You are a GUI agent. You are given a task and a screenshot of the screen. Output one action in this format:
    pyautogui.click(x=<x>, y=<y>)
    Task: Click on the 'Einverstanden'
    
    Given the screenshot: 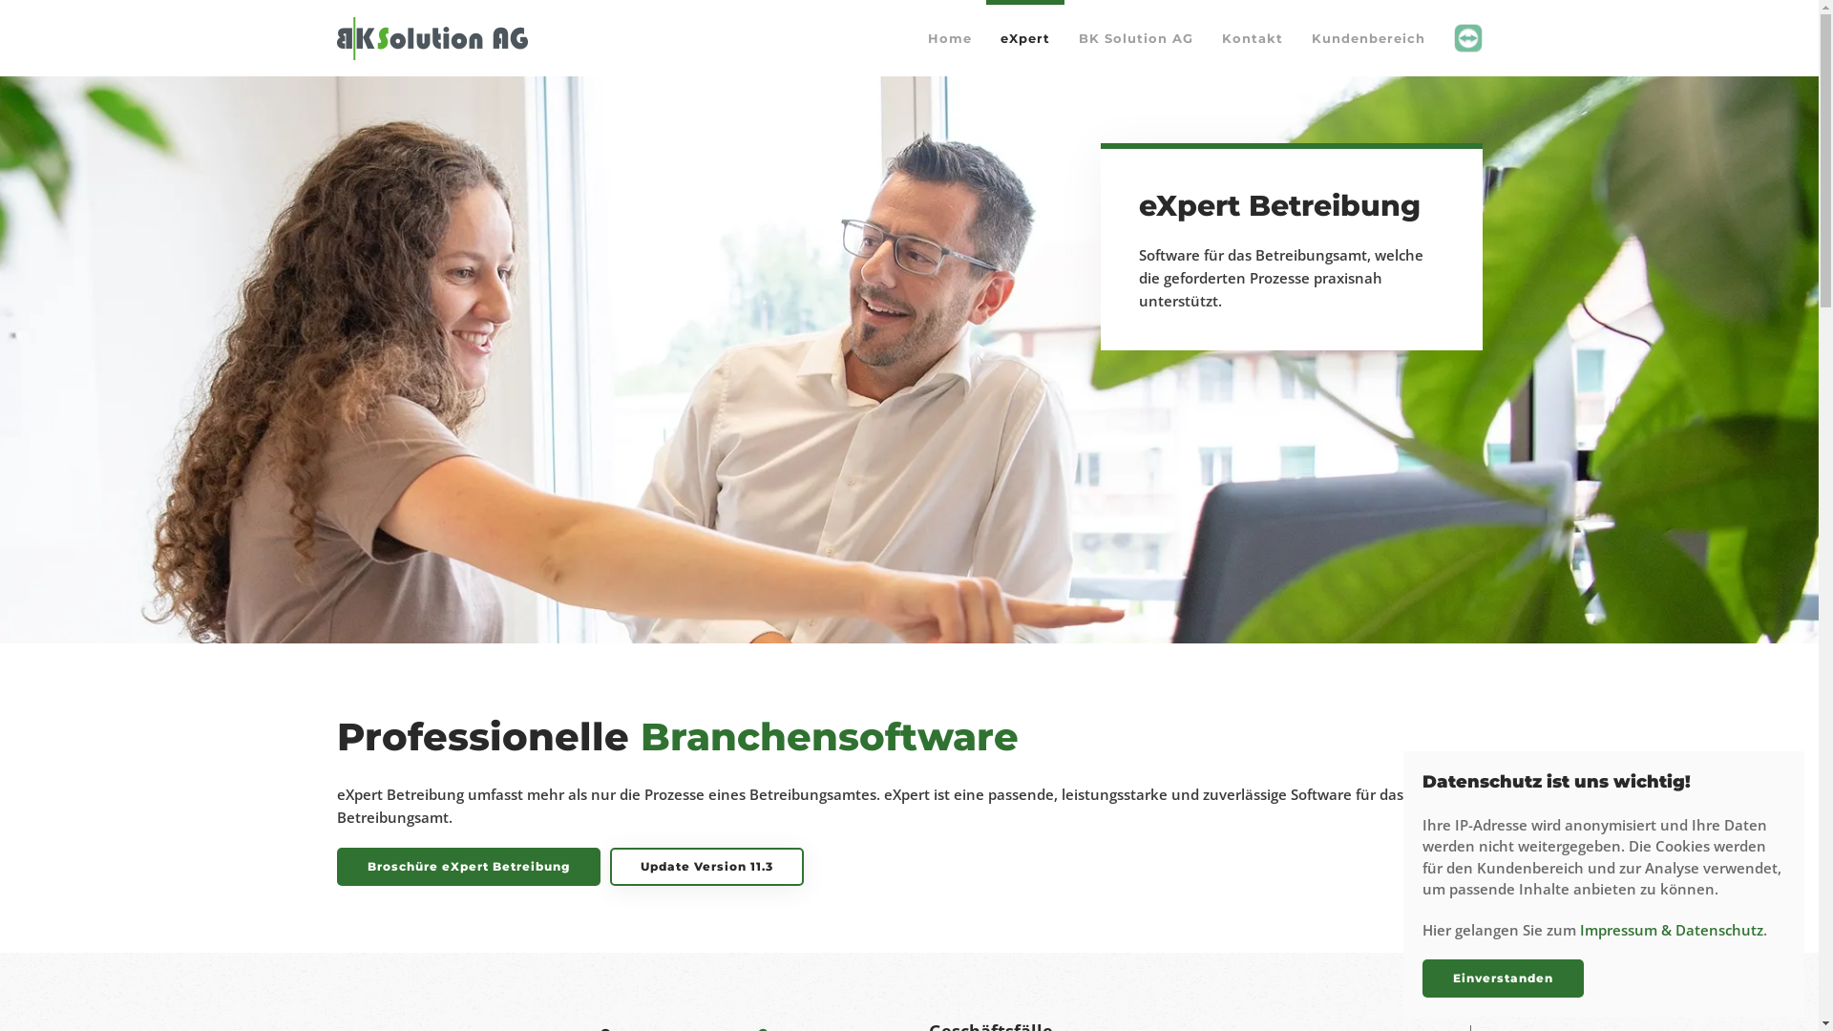 What is the action you would take?
    pyautogui.click(x=1502, y=978)
    